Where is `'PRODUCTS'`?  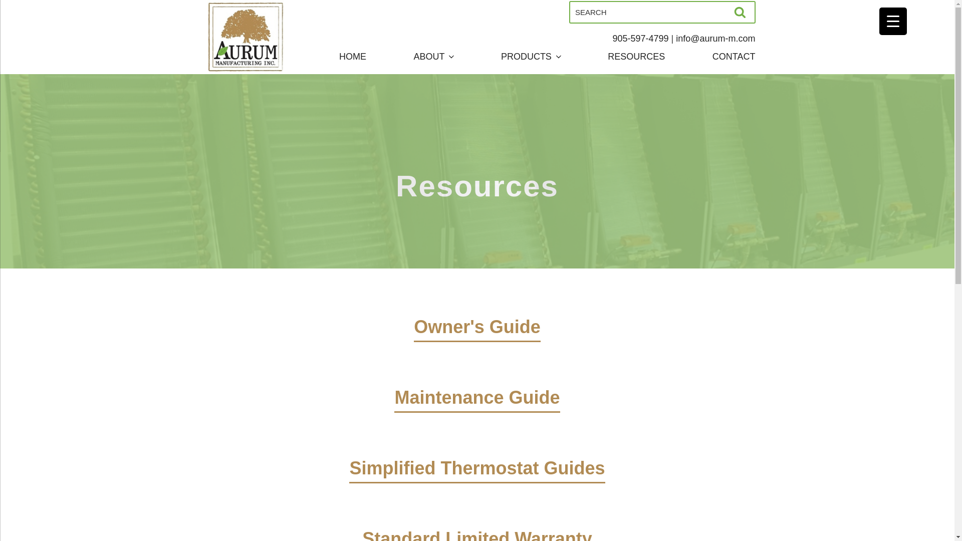
'PRODUCTS' is located at coordinates (530, 57).